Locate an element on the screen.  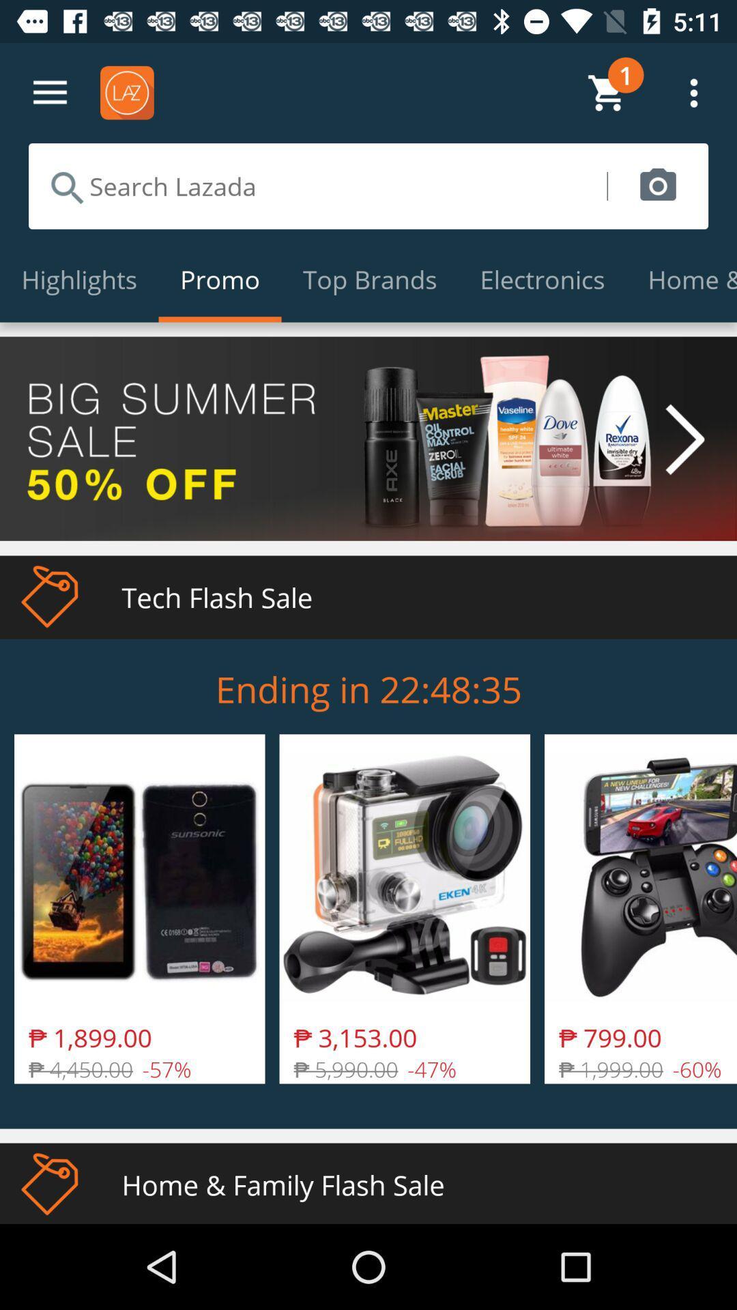
icon above the highlights icon is located at coordinates (317, 186).